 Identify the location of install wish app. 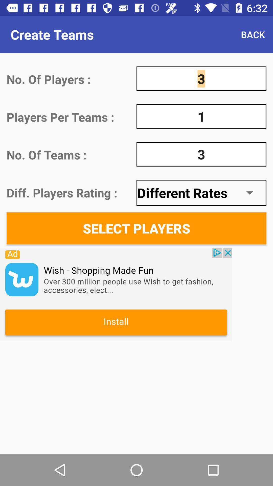
(116, 294).